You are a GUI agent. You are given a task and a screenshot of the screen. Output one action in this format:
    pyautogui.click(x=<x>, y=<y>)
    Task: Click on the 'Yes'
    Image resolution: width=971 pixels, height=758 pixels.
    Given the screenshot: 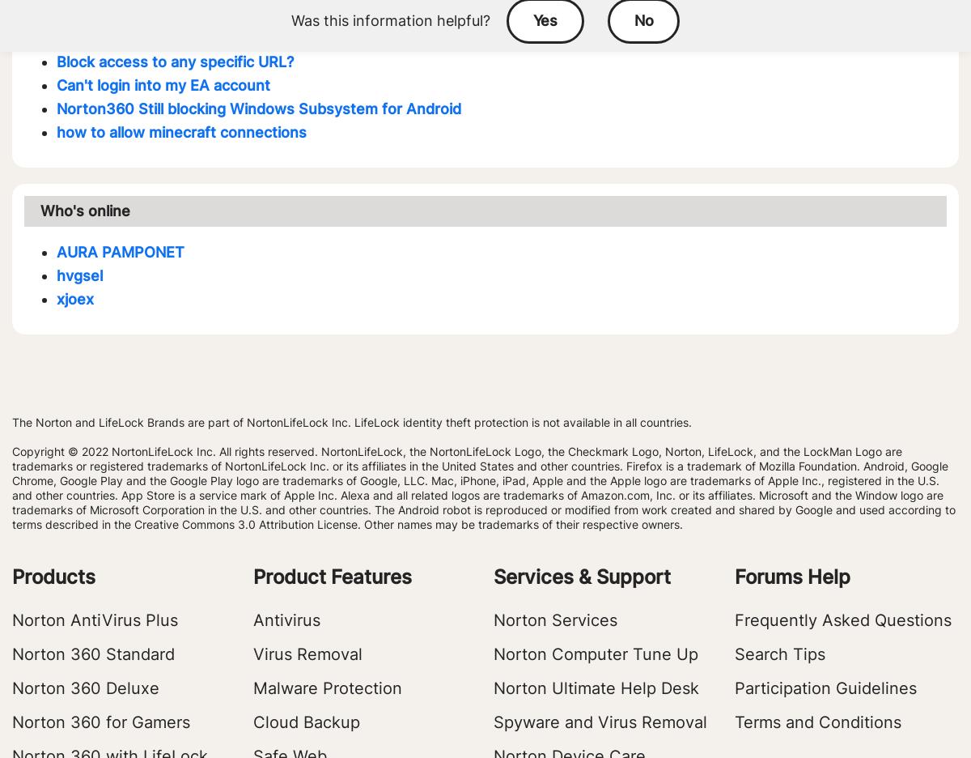 What is the action you would take?
    pyautogui.click(x=544, y=19)
    